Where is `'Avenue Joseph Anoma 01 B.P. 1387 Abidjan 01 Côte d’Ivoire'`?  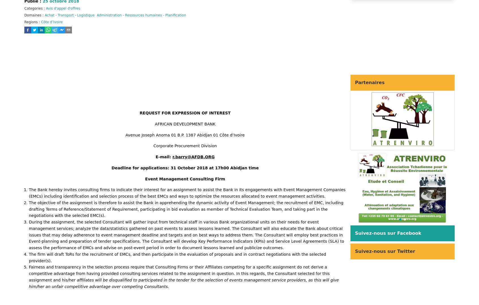
'Avenue Joseph Anoma 01 B.P. 1387 Abidjan 01 Côte d’Ivoire' is located at coordinates (125, 135).